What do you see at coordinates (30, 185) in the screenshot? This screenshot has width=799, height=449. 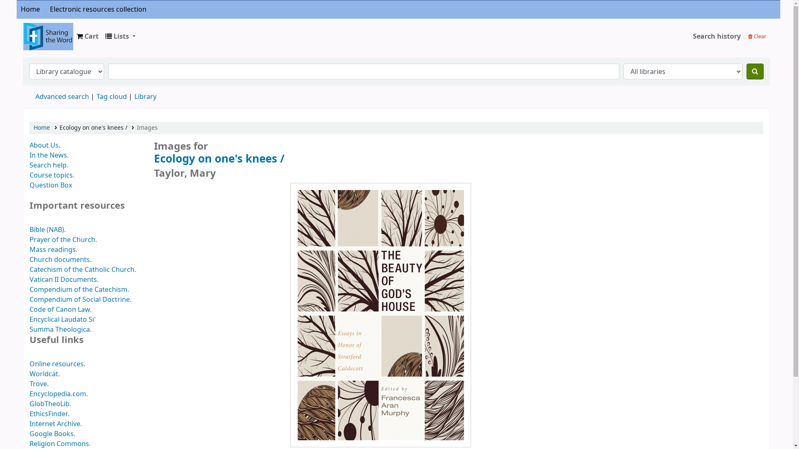 I see `'Question Box'` at bounding box center [30, 185].